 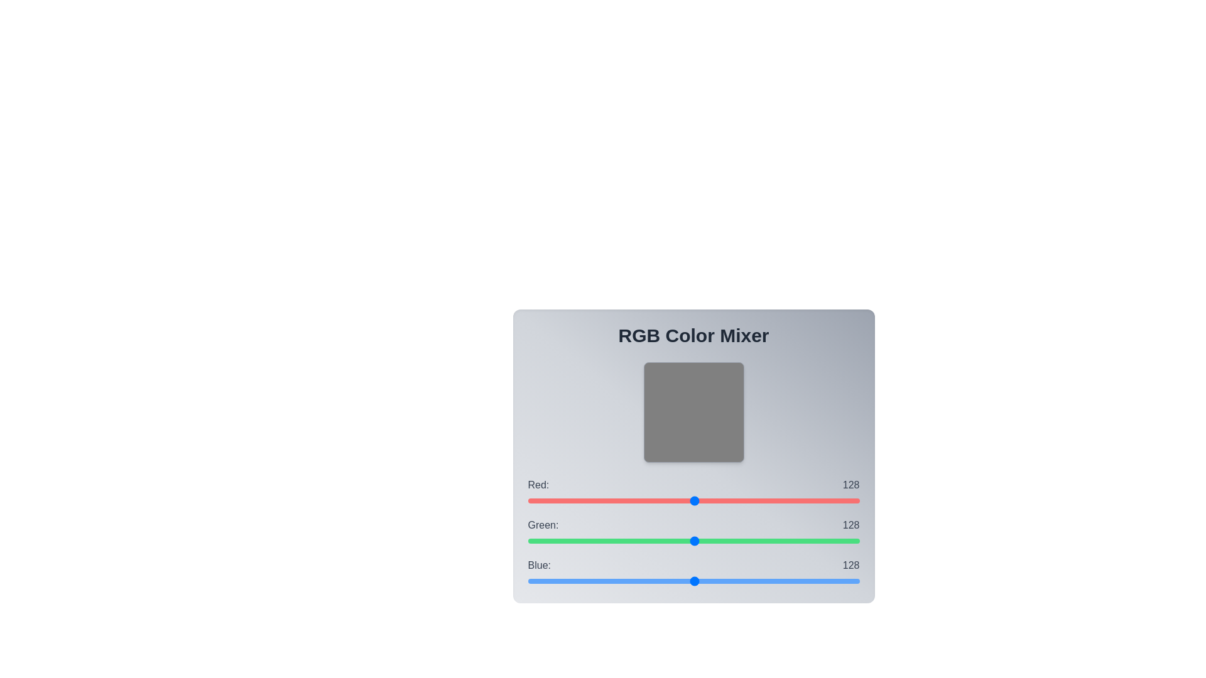 I want to click on the green slider to set its value to 231, so click(x=828, y=540).